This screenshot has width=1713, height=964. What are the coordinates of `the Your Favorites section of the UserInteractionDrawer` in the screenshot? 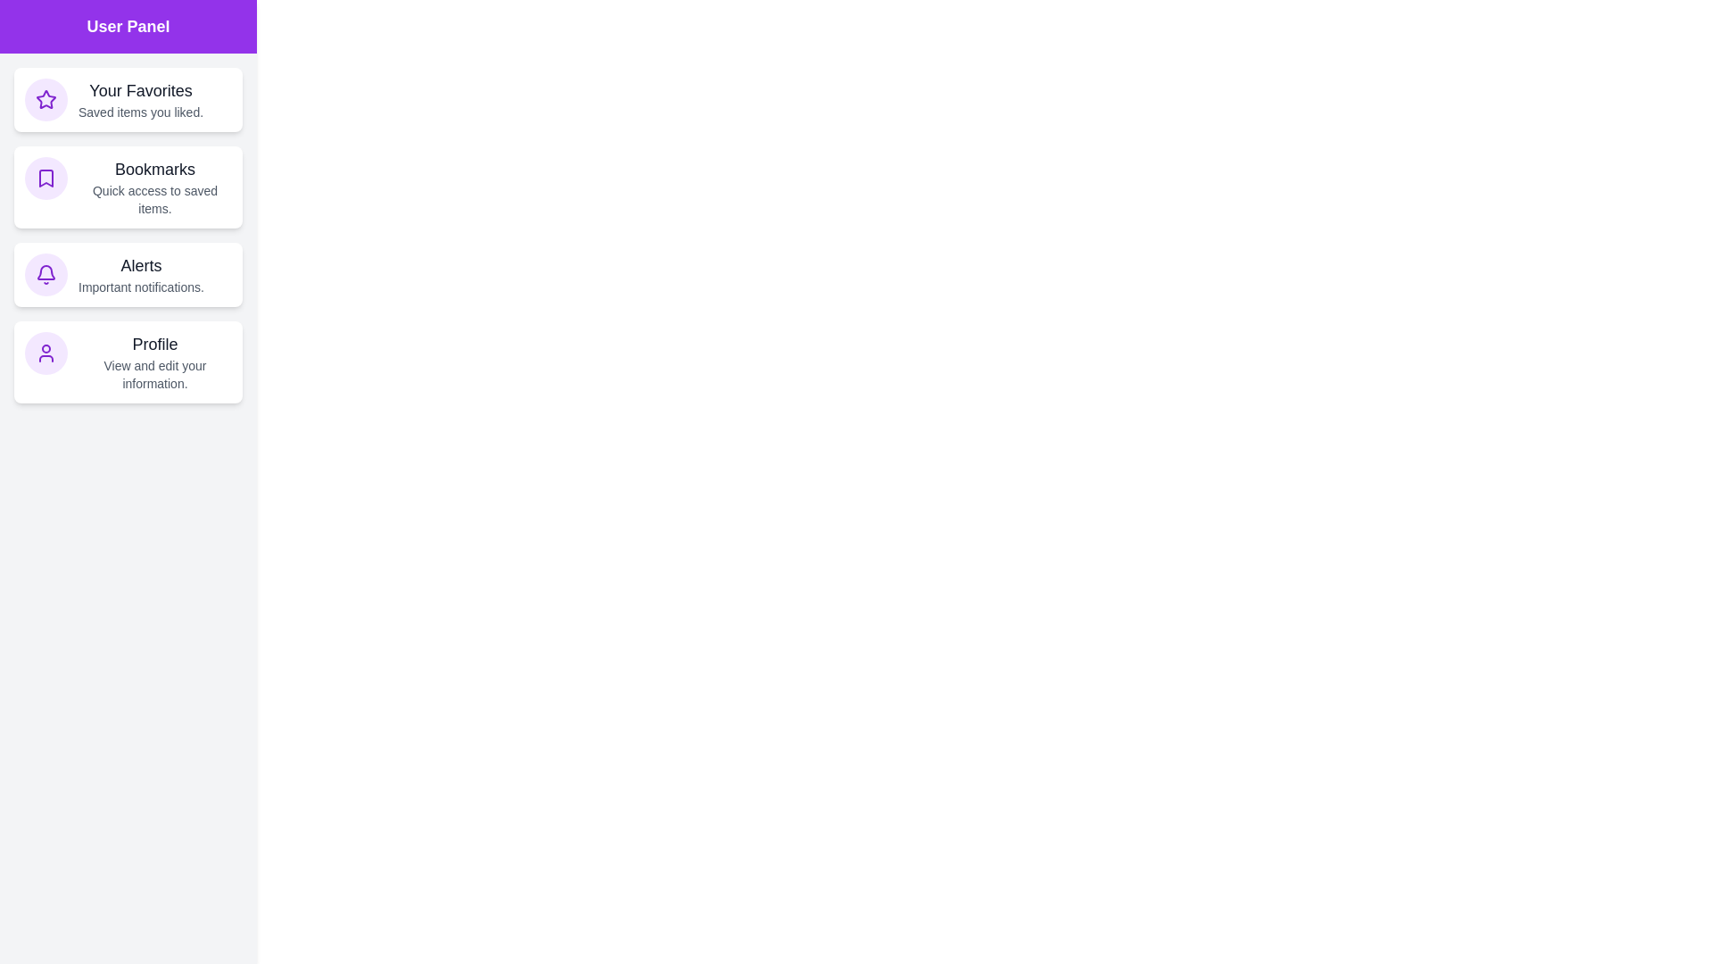 It's located at (128, 99).